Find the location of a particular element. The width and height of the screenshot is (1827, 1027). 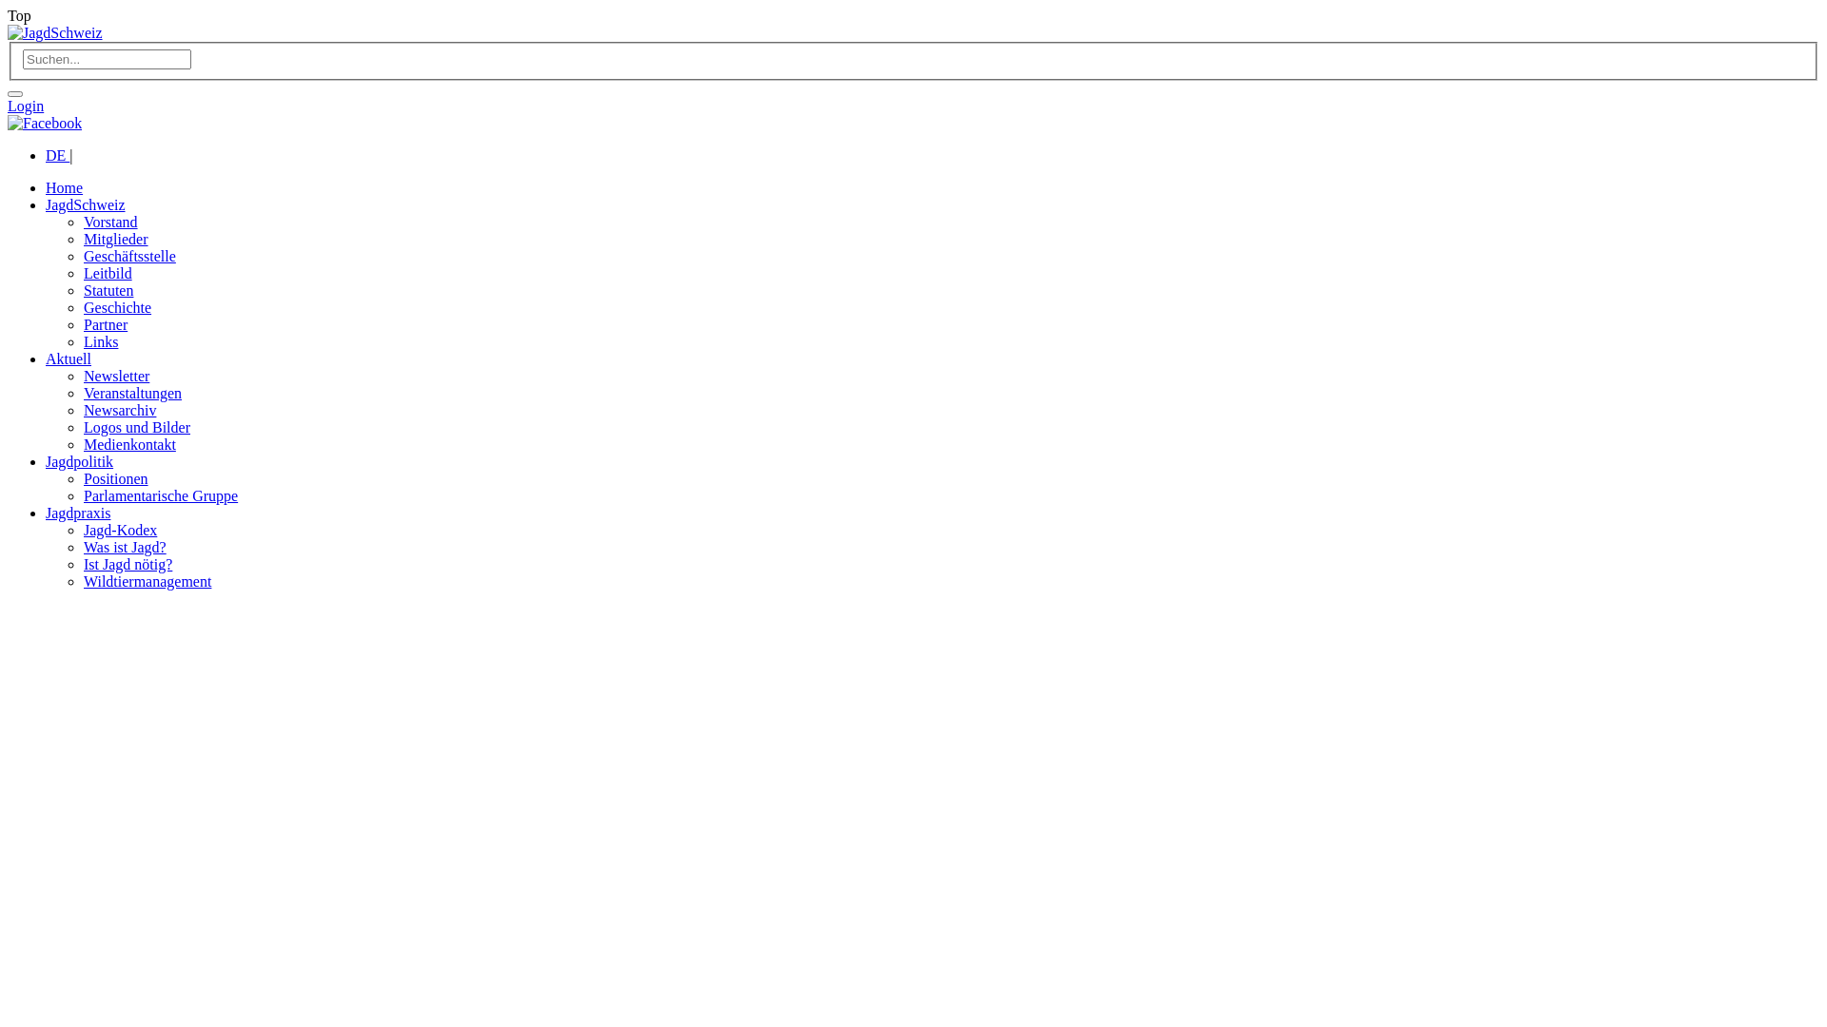

'Veranstaltungen' is located at coordinates (131, 392).